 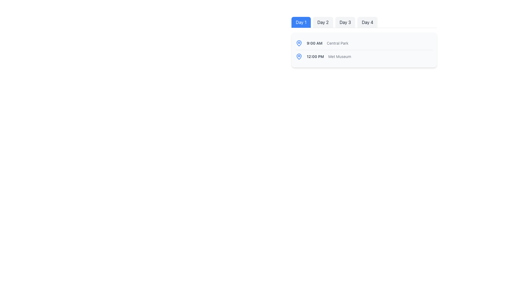 I want to click on the appearance of the icon that visually denotes the location information associated with the event scheduled for 9:00 AM at Central Park, which is positioned to the left of the text '9:00 AM Central Park', so click(x=299, y=43).